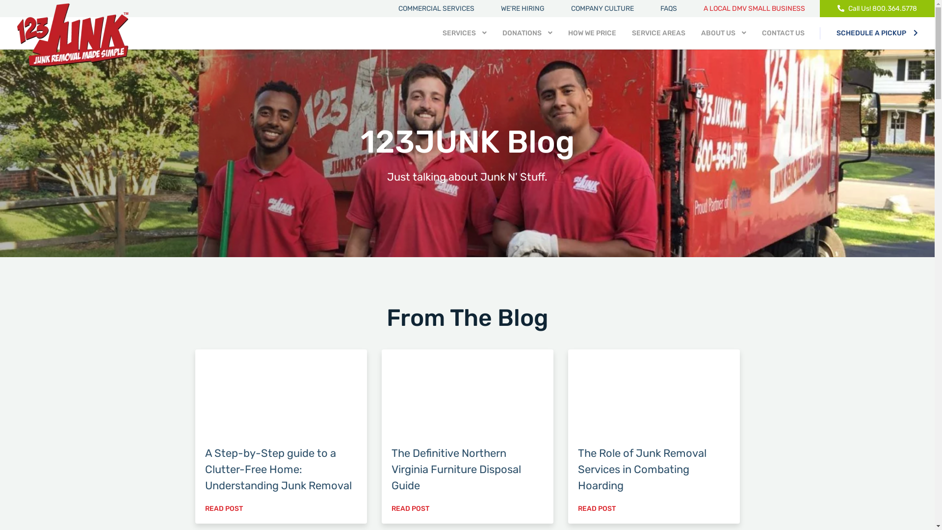 The height and width of the screenshot is (530, 942). What do you see at coordinates (527, 32) in the screenshot?
I see `'DONATIONS'` at bounding box center [527, 32].